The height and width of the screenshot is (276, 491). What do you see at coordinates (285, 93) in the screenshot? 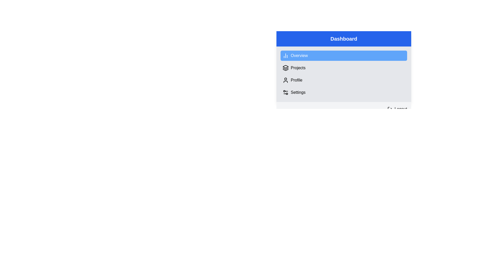
I see `the 'Settings' icon located to the left of the 'Settings' text, which serves as a cue for users` at bounding box center [285, 93].